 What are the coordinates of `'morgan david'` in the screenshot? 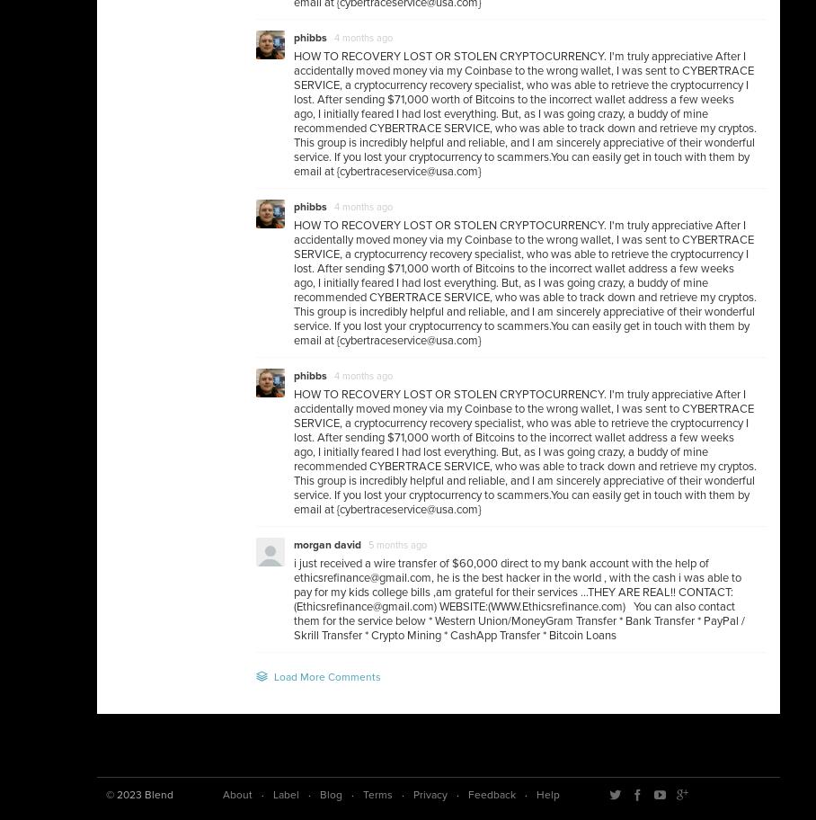 It's located at (292, 544).